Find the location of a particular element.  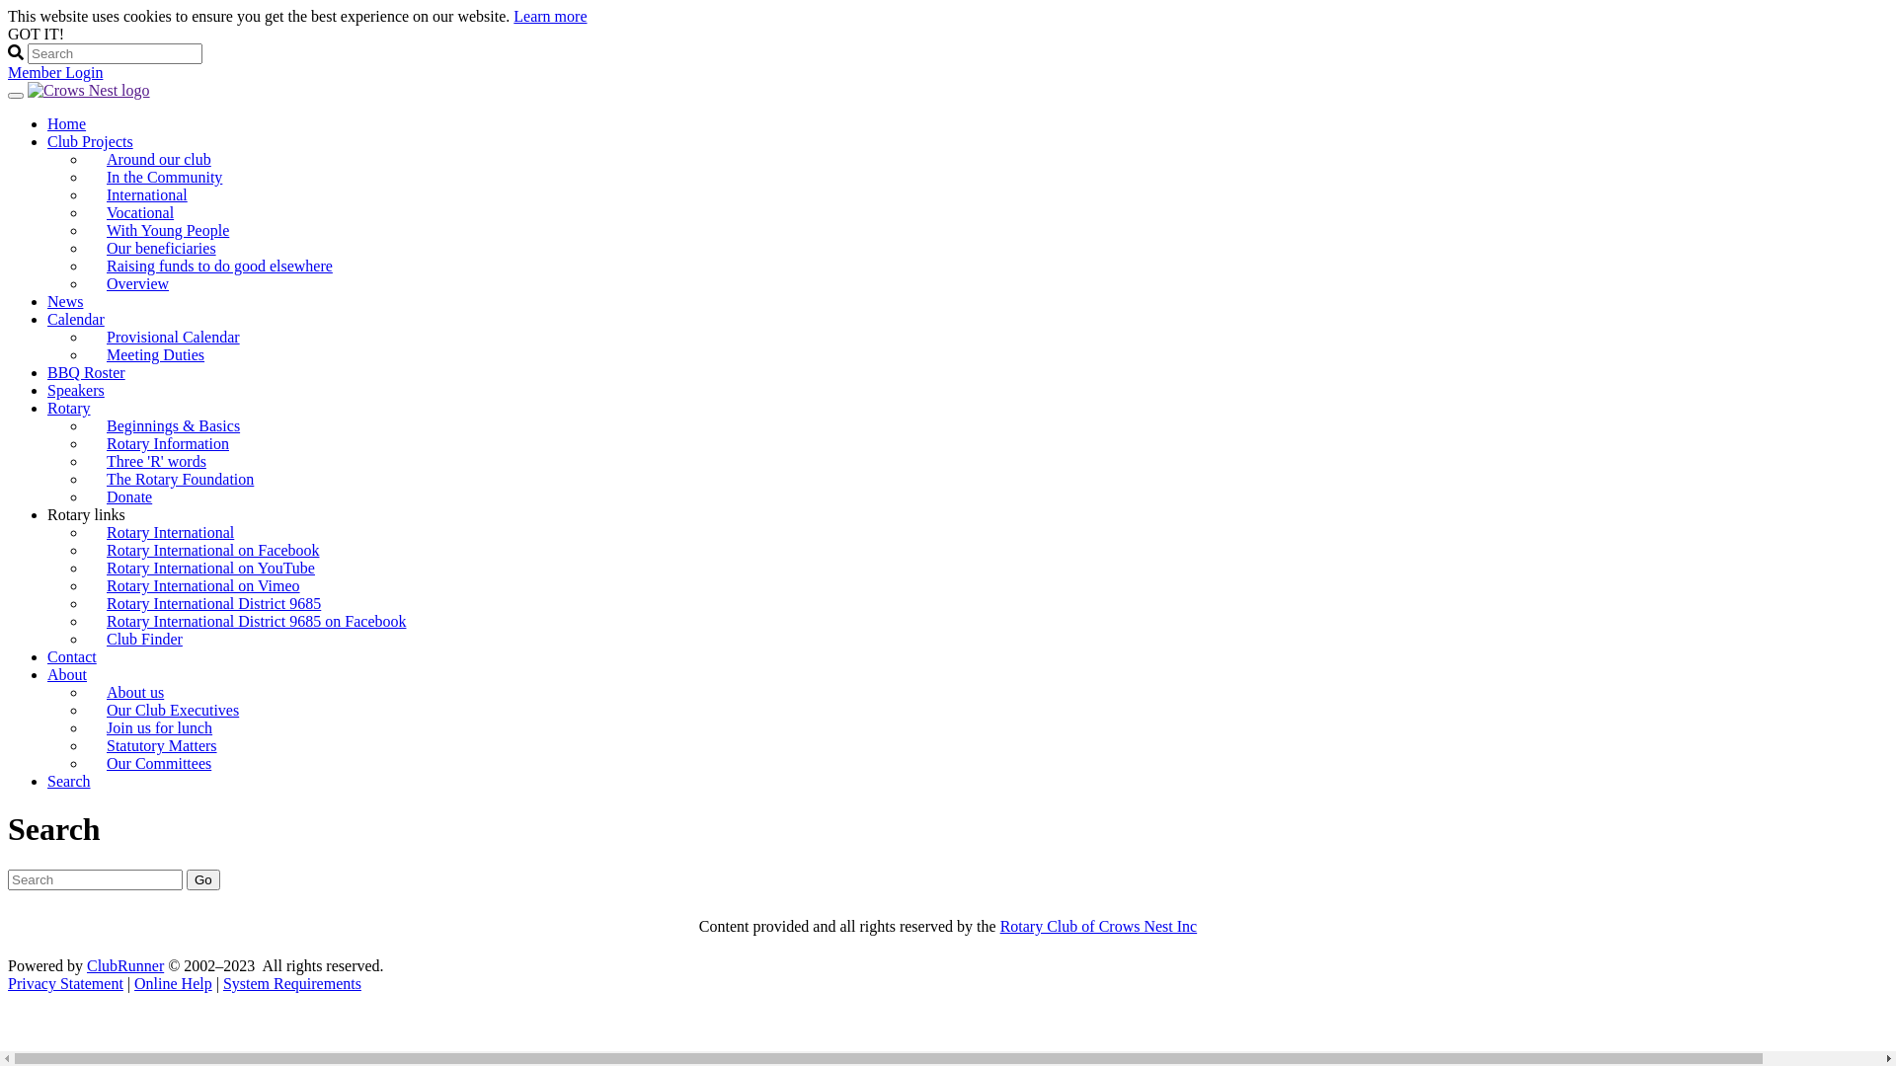

'Rotary' is located at coordinates (69, 407).